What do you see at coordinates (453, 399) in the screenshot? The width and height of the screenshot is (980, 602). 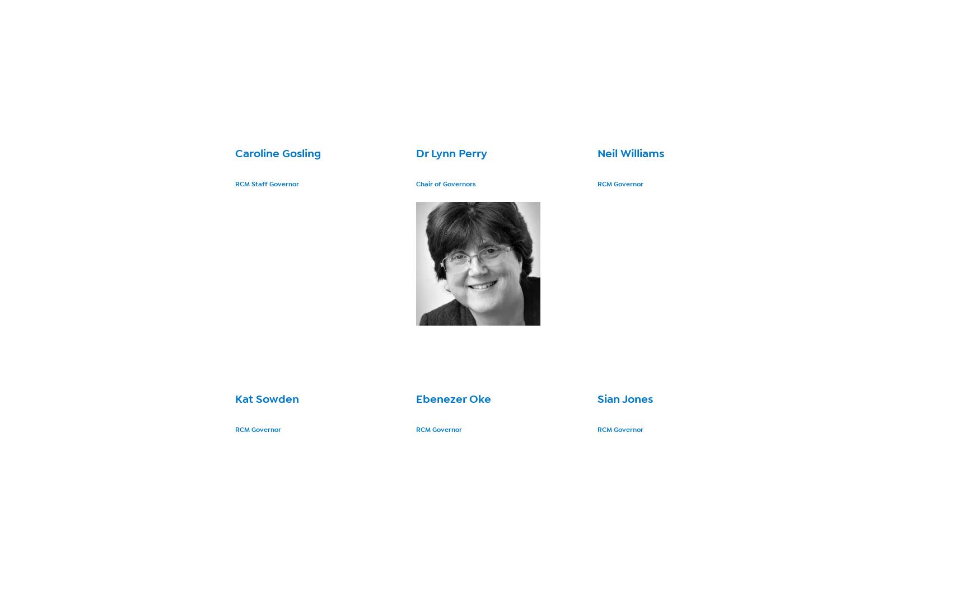 I see `'Ebenezer Oke'` at bounding box center [453, 399].